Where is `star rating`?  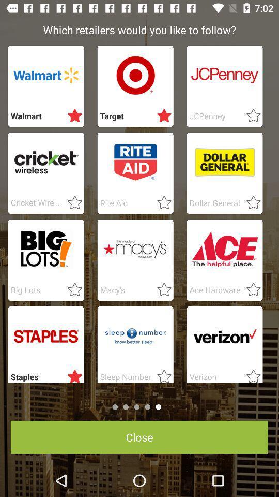
star rating is located at coordinates (71, 374).